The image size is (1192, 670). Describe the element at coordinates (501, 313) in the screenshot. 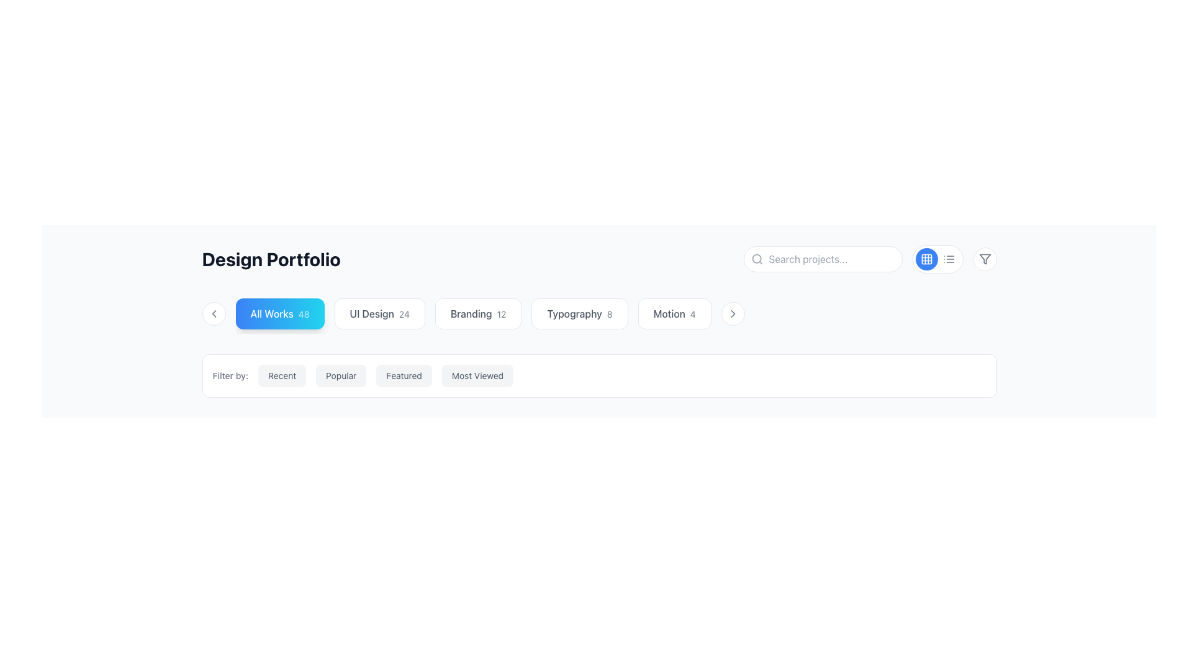

I see `the numeric value '12' displayed in semi-transparent gray text, located to the right of the 'Branding' button` at that location.